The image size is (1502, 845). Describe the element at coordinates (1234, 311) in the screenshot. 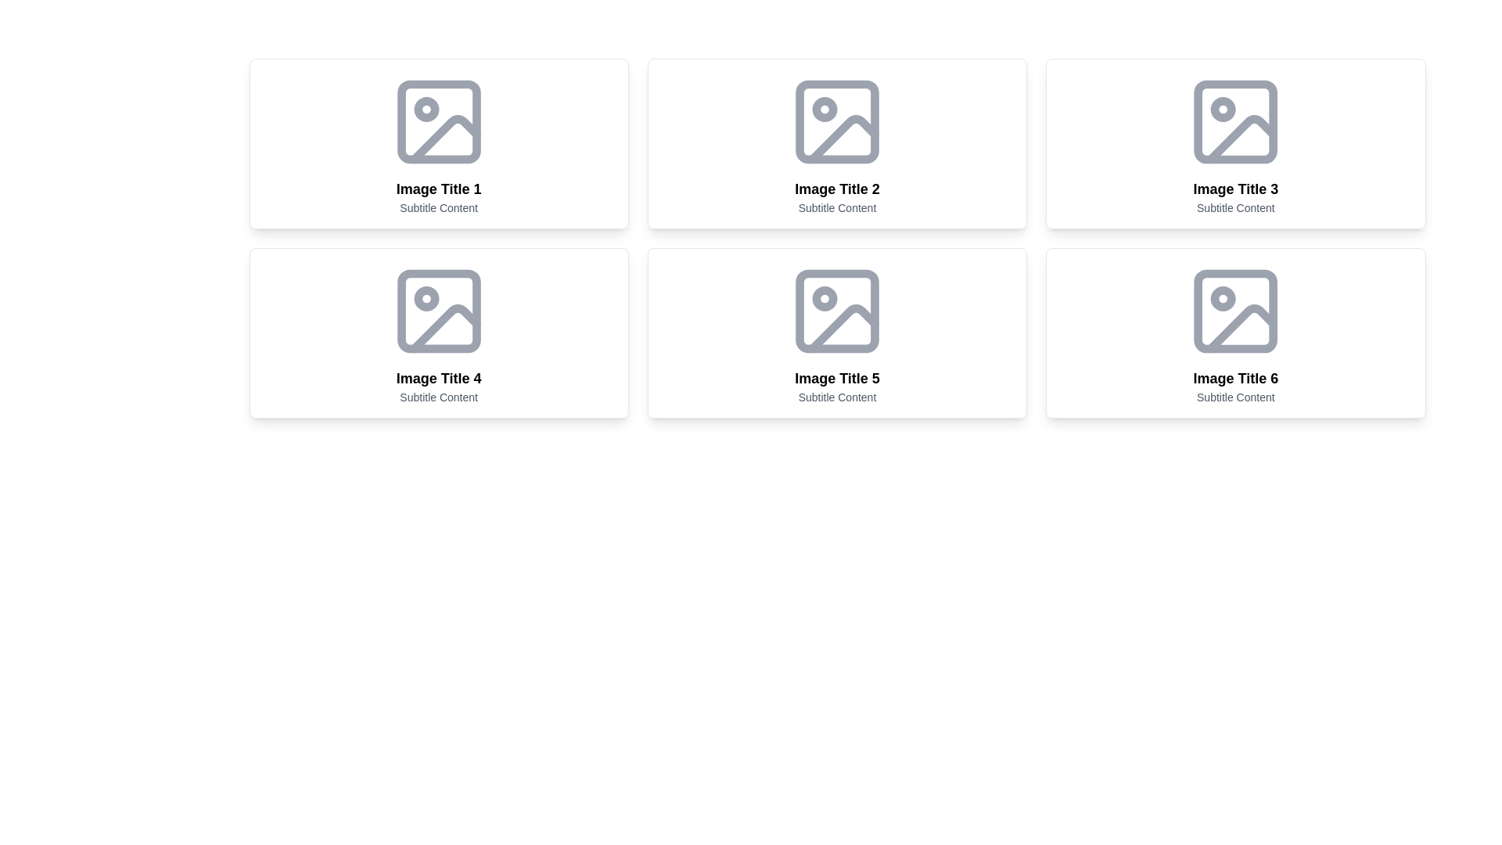

I see `the graphical decoration or icon component in the sixth content card titled 'Image Title 6', located in the second row and third column of the layout` at that location.